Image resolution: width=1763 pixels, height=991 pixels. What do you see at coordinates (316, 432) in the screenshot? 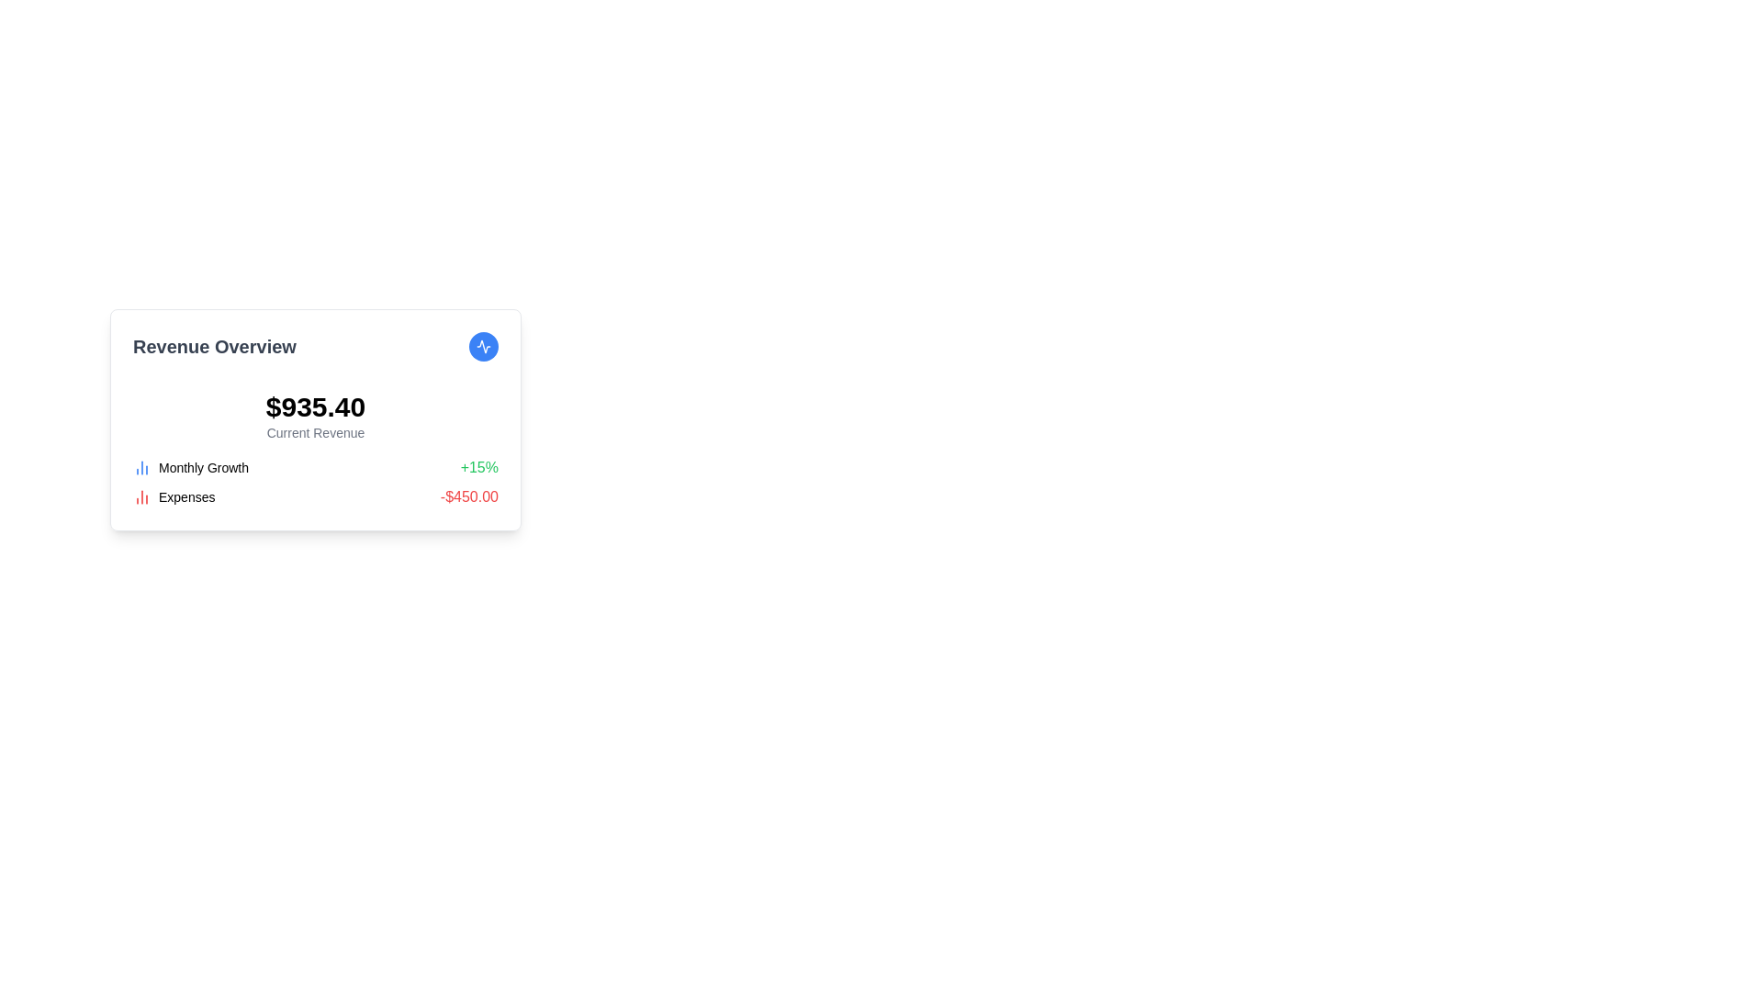
I see `the Label/Text Display that provides a textual description or label for the revenue value, located directly beneath the bold '$935.40' value` at bounding box center [316, 432].